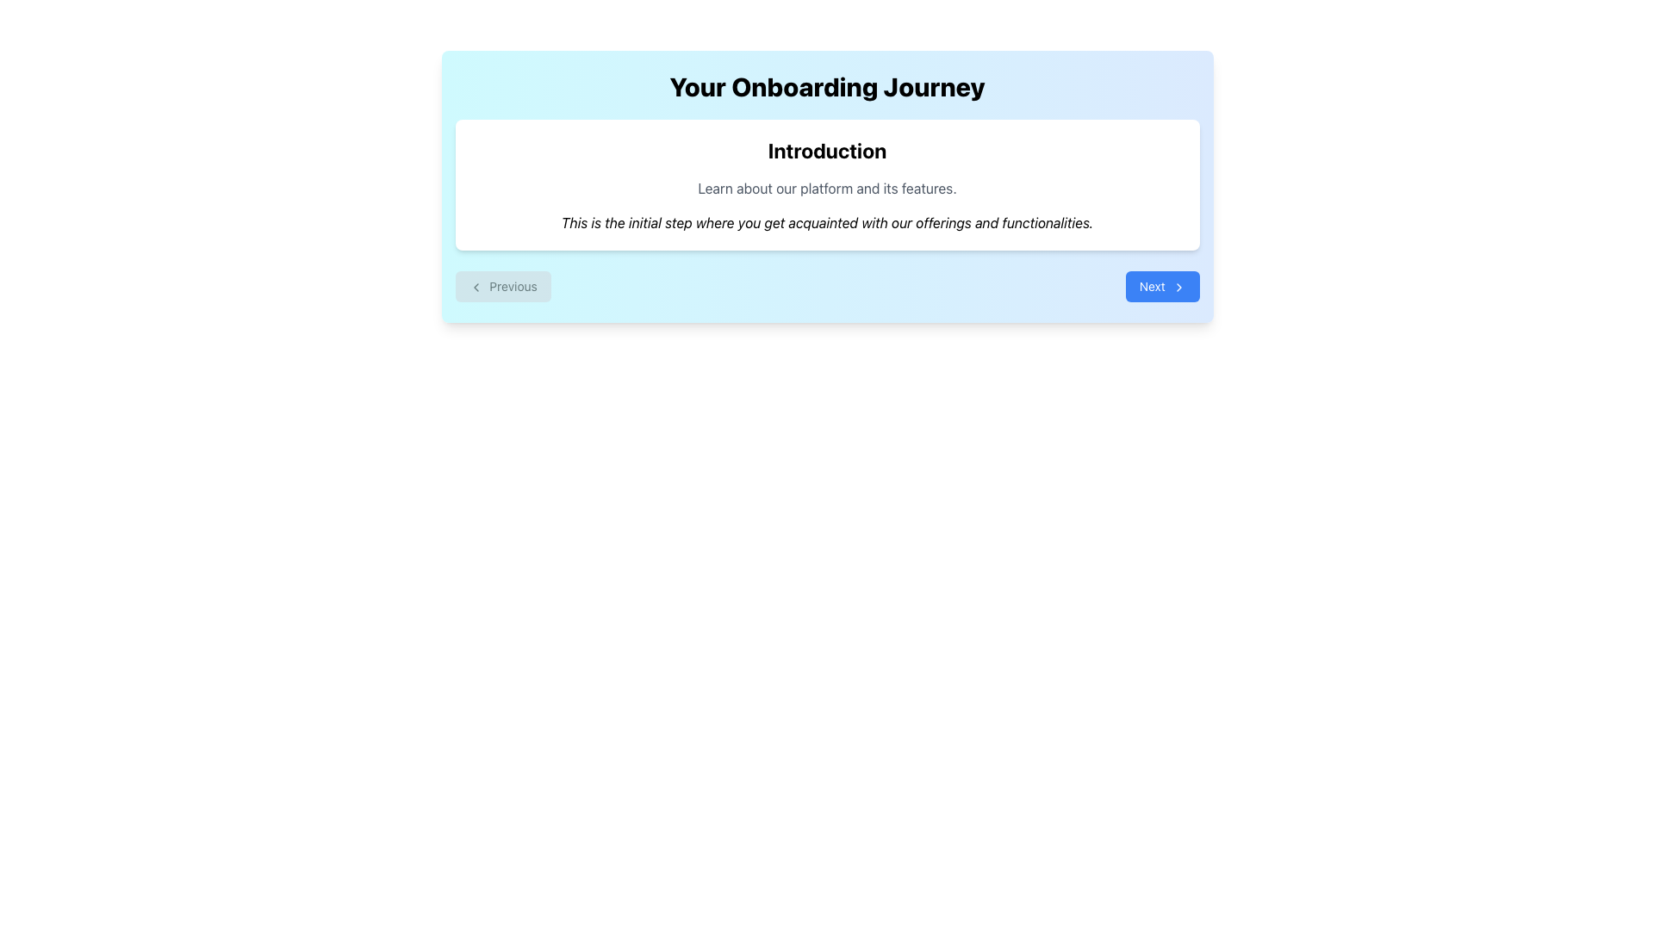 Image resolution: width=1654 pixels, height=930 pixels. What do you see at coordinates (827, 86) in the screenshot?
I see `heading text 'Your Onboarding Journey' displayed prominently at the top of the section with a gradient background` at bounding box center [827, 86].